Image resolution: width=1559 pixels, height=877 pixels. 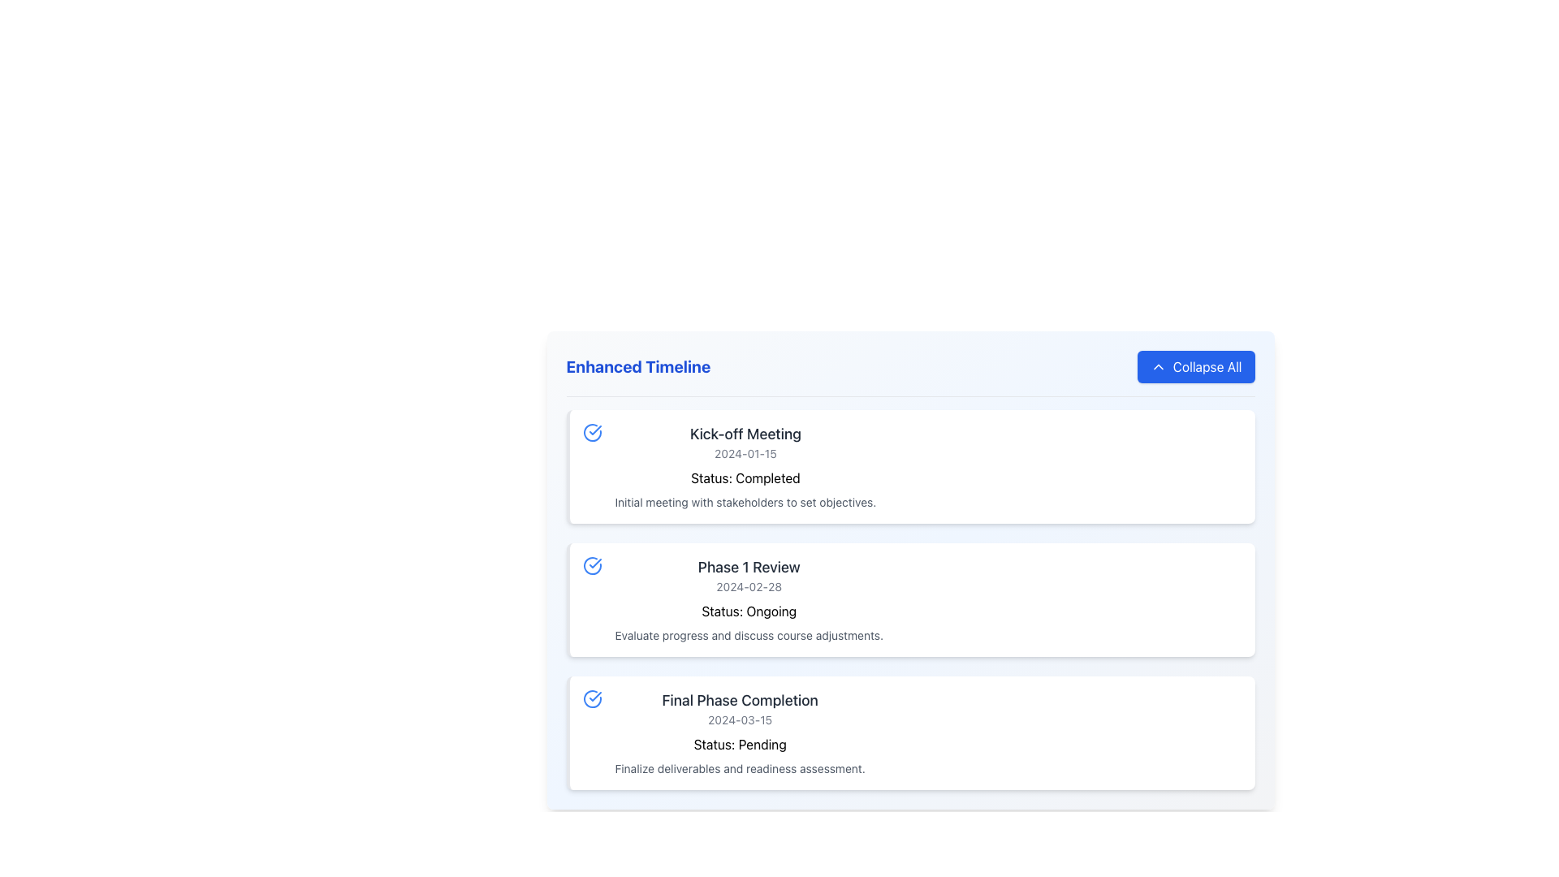 I want to click on the Label displaying the scheduled date for the 'Kick-off Meeting', which is located below the title 'Kick-off Meeting' and above the text 'Status: Completed', so click(x=745, y=454).